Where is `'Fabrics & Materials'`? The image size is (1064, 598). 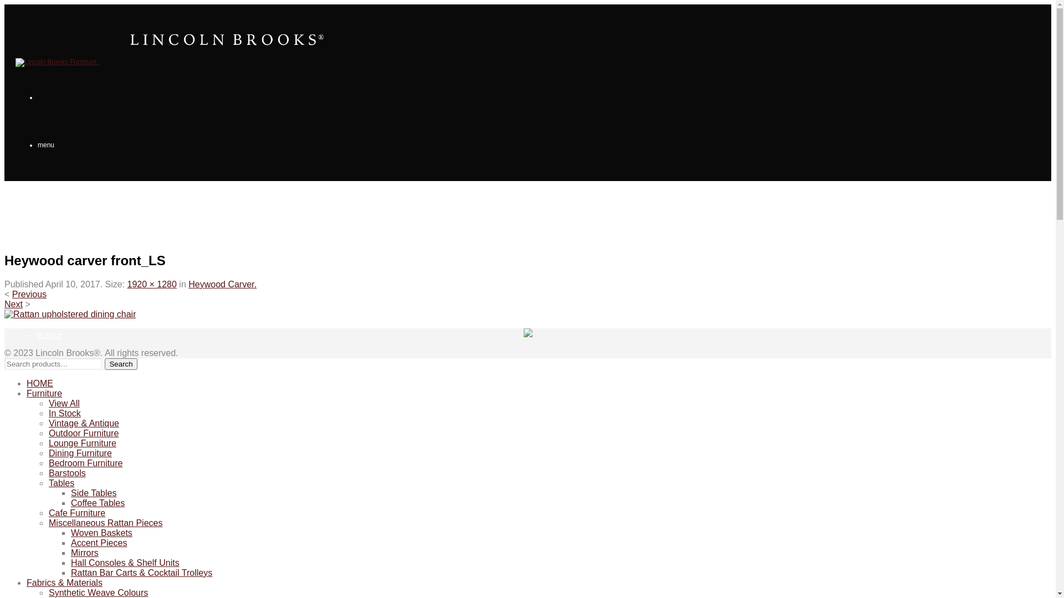 'Fabrics & Materials' is located at coordinates (27, 582).